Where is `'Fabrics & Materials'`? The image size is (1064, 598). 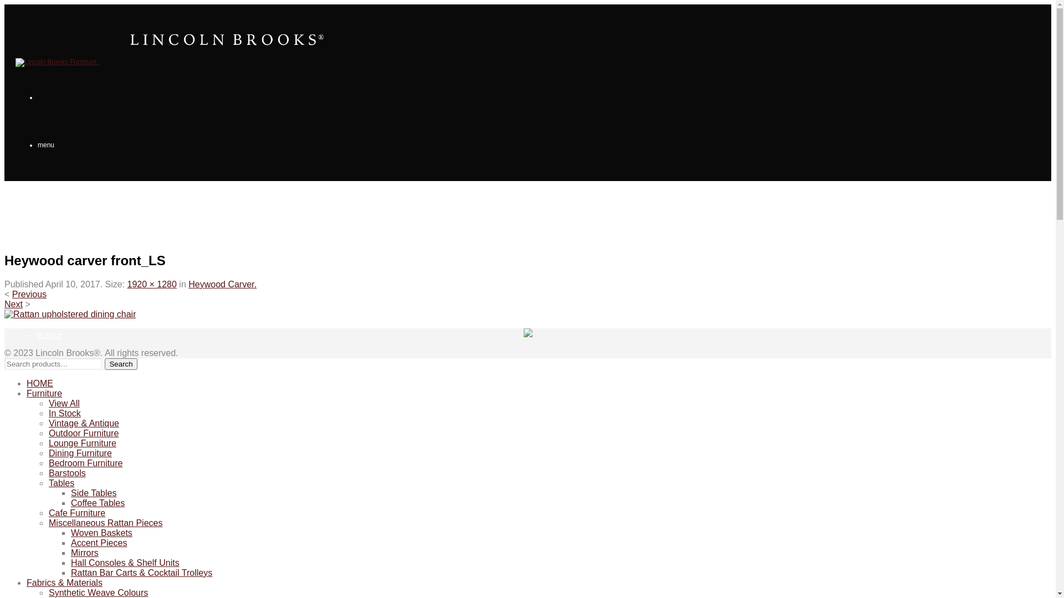 'Fabrics & Materials' is located at coordinates (27, 582).